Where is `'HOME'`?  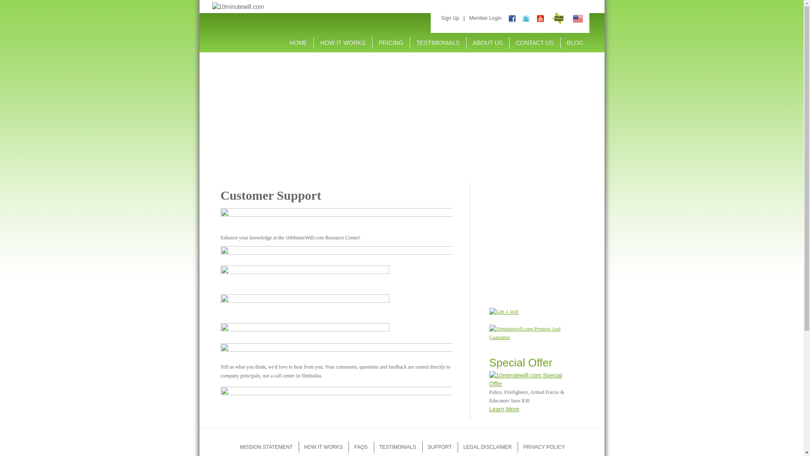 'HOME' is located at coordinates (283, 42).